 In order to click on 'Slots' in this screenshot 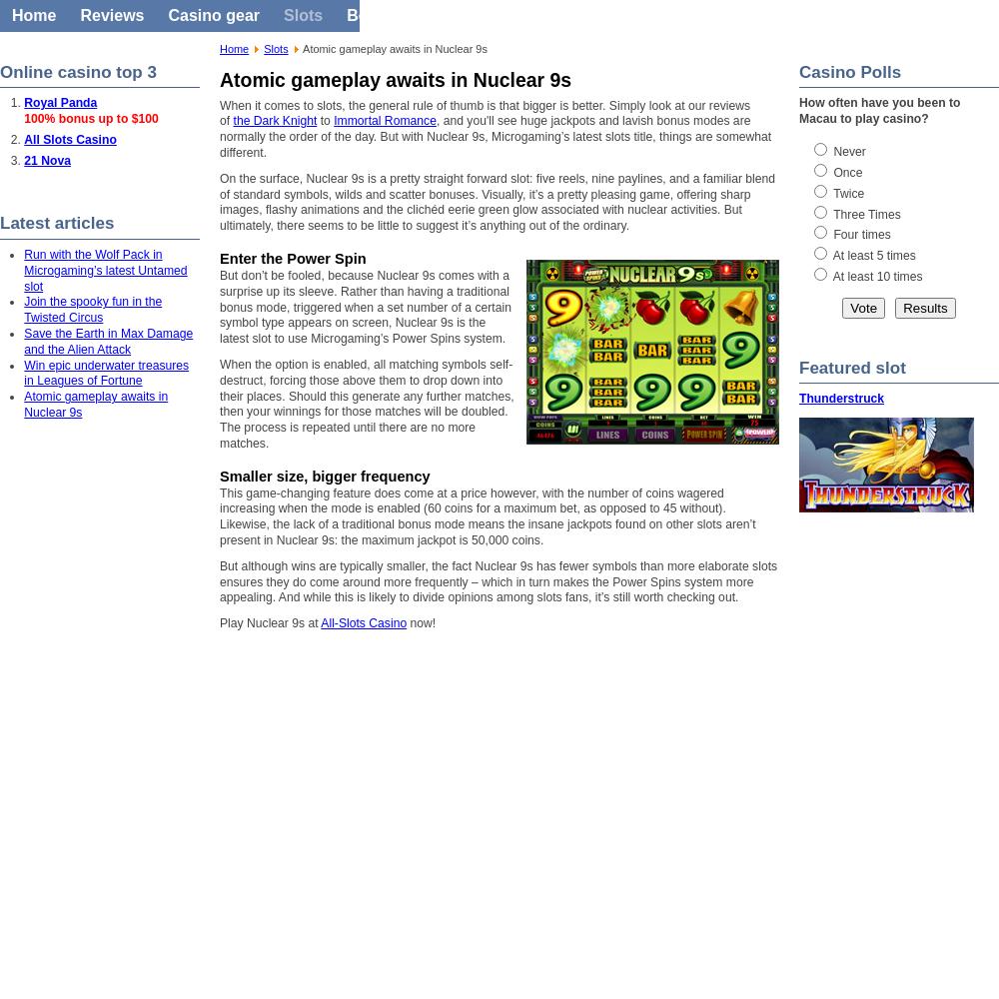, I will do `click(264, 49)`.